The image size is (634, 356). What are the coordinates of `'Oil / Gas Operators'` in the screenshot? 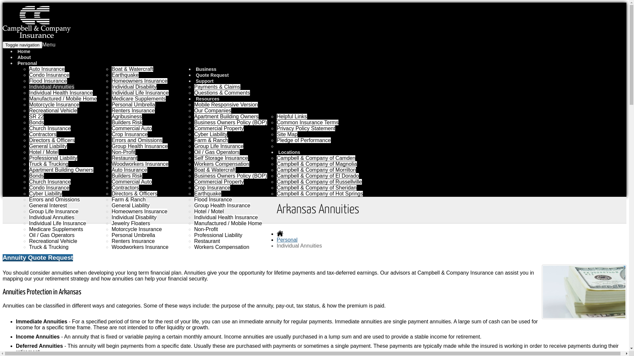 It's located at (217, 152).